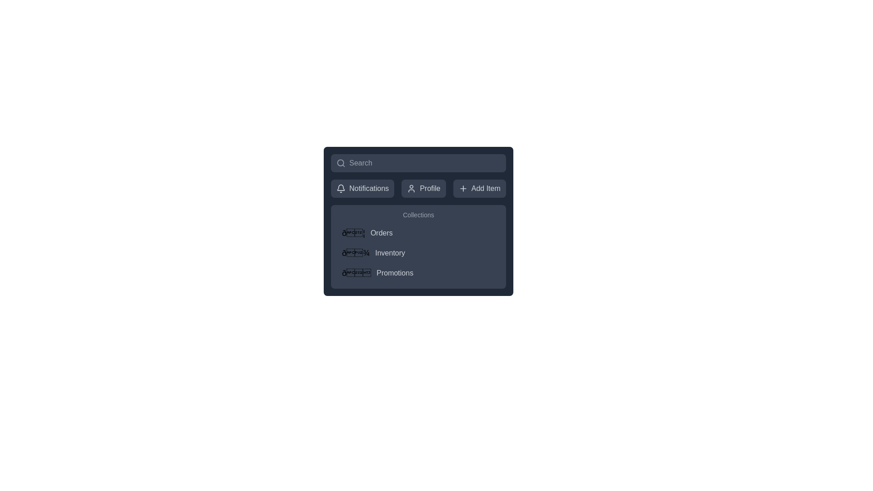 This screenshot has height=491, width=873. What do you see at coordinates (353, 233) in the screenshot?
I see `the document or mail icon located to the left of the 'Orders' text in the dark-colored menu panel` at bounding box center [353, 233].